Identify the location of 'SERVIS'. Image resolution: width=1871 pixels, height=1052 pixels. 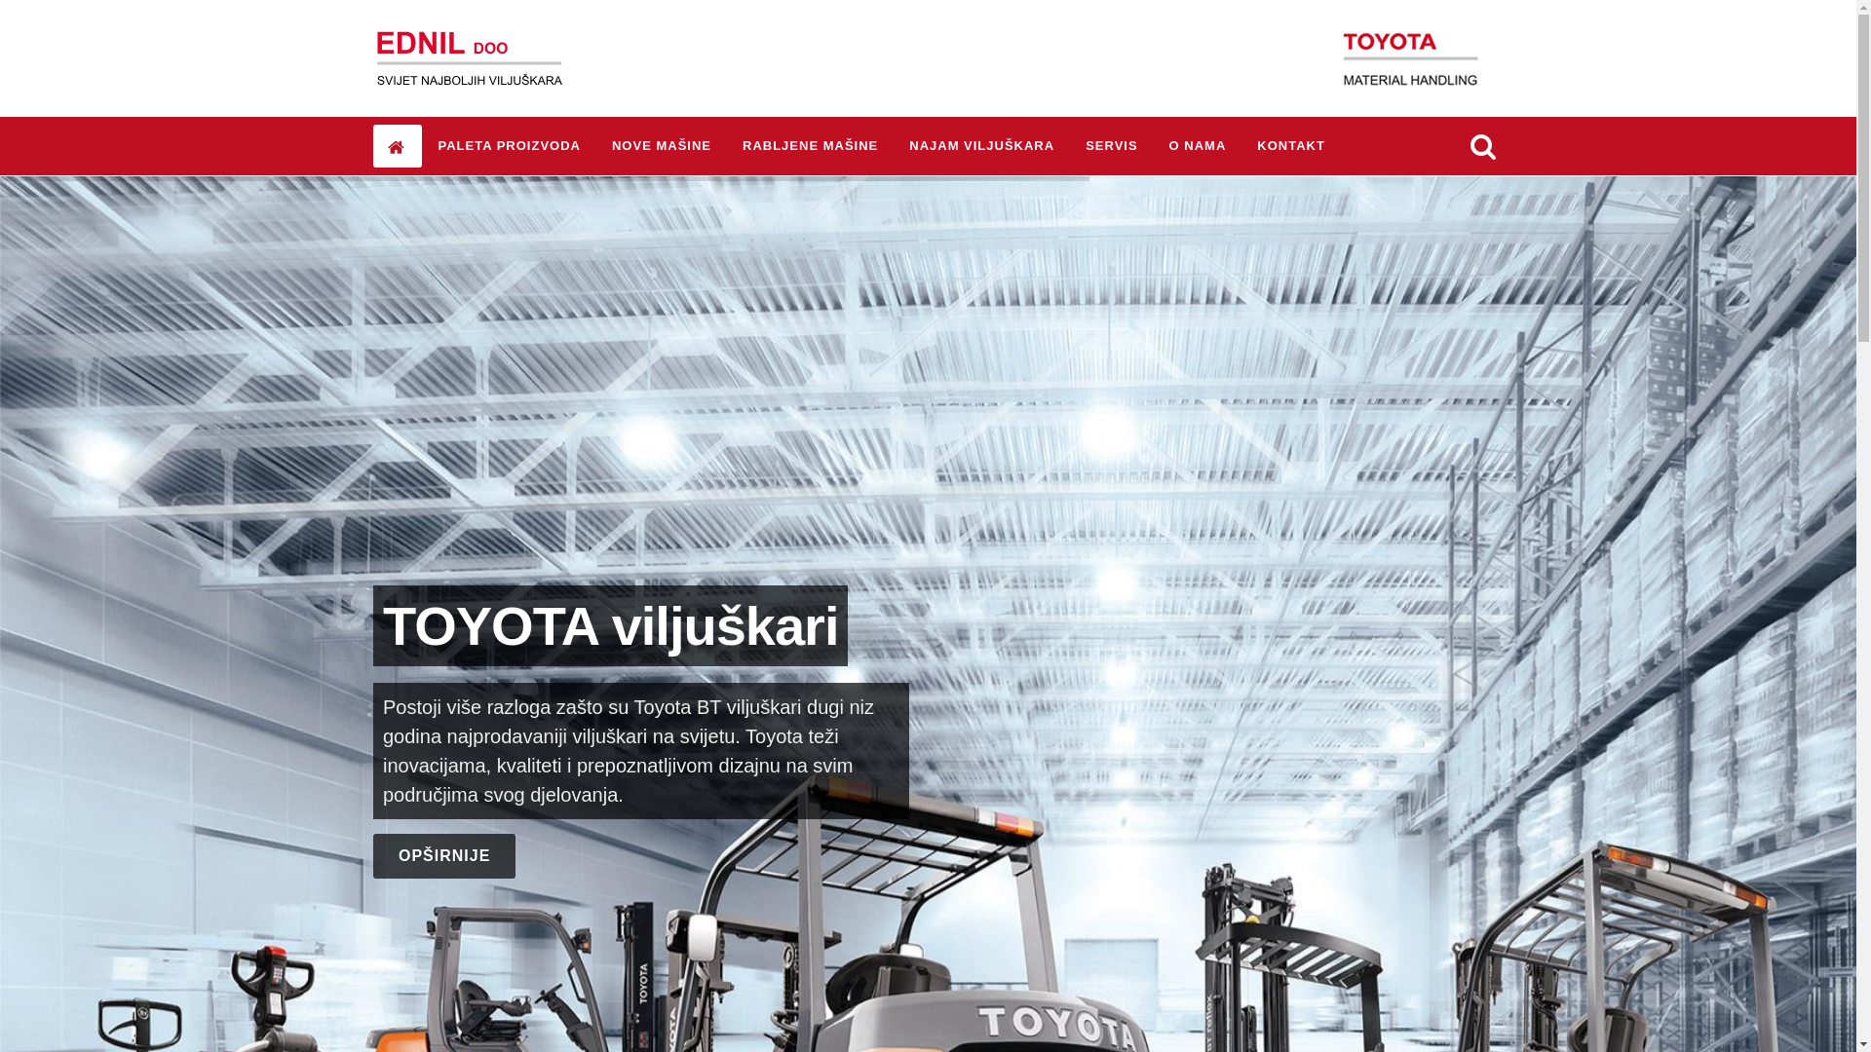
(1111, 145).